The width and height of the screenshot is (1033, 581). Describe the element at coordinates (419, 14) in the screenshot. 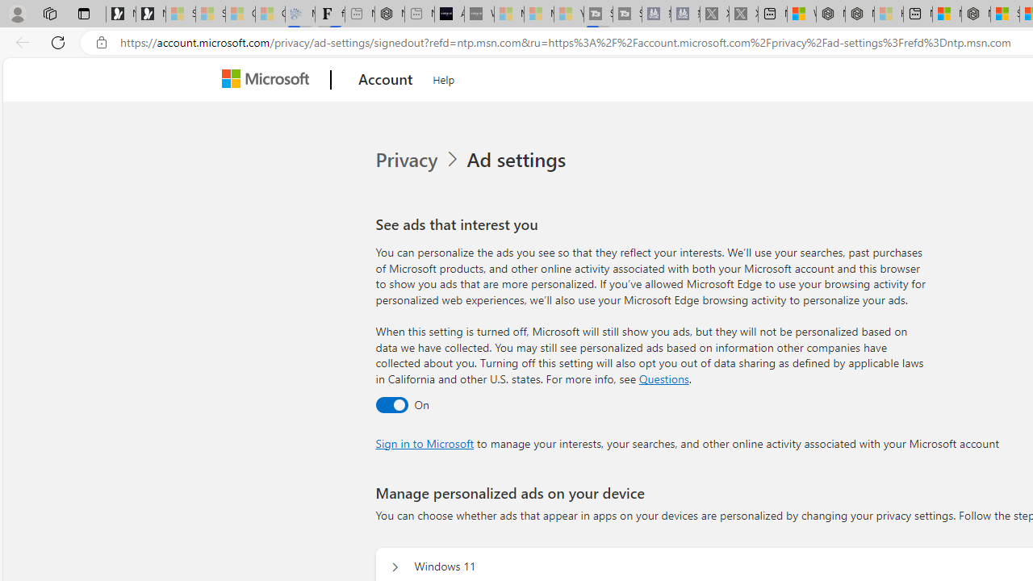

I see `'New tab - Sleeping'` at that location.